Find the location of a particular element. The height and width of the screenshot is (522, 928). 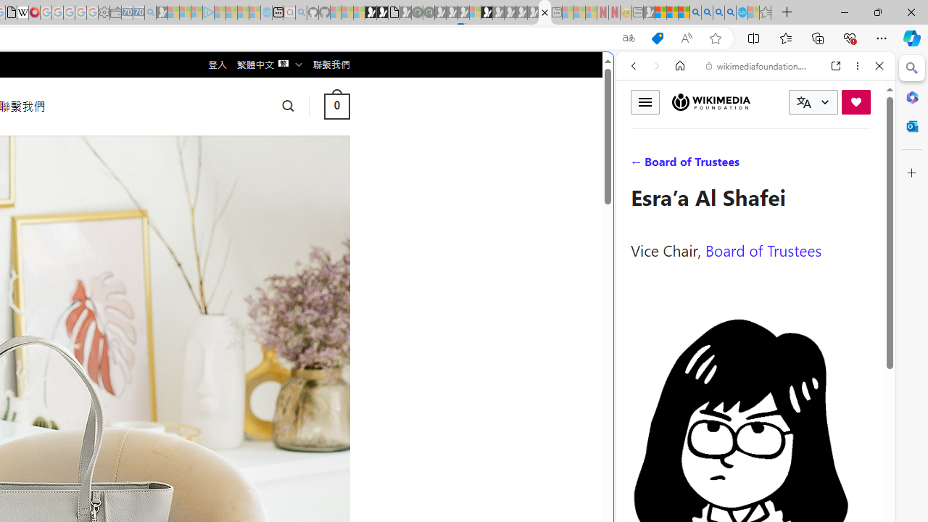

'Toggle menu' is located at coordinates (645, 101).